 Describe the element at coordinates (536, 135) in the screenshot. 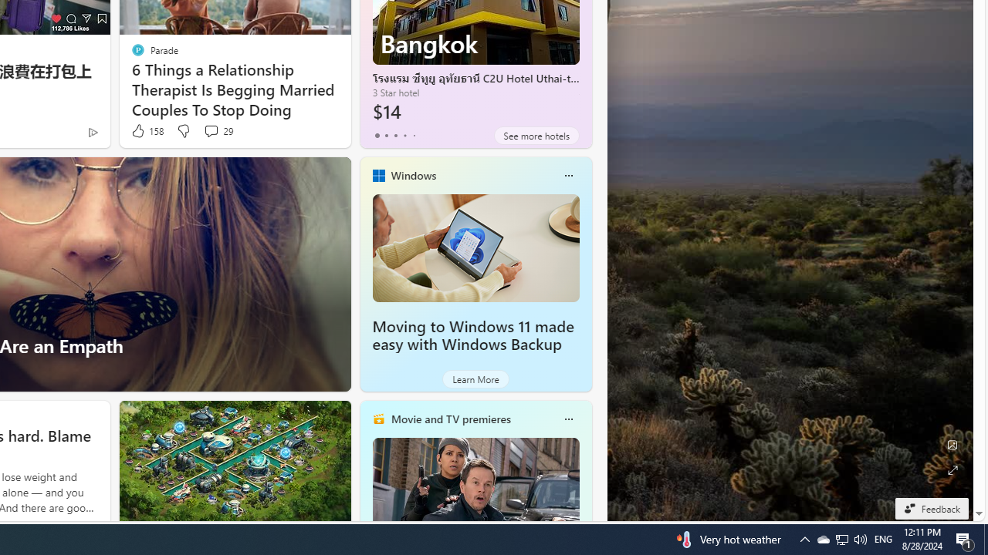

I see `'See more hotels'` at that location.